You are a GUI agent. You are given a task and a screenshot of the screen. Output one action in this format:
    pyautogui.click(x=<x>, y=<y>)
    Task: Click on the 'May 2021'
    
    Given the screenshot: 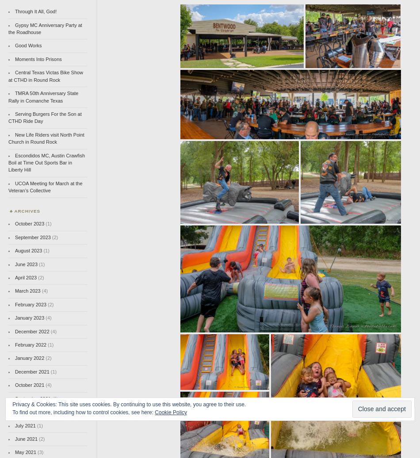 What is the action you would take?
    pyautogui.click(x=14, y=452)
    